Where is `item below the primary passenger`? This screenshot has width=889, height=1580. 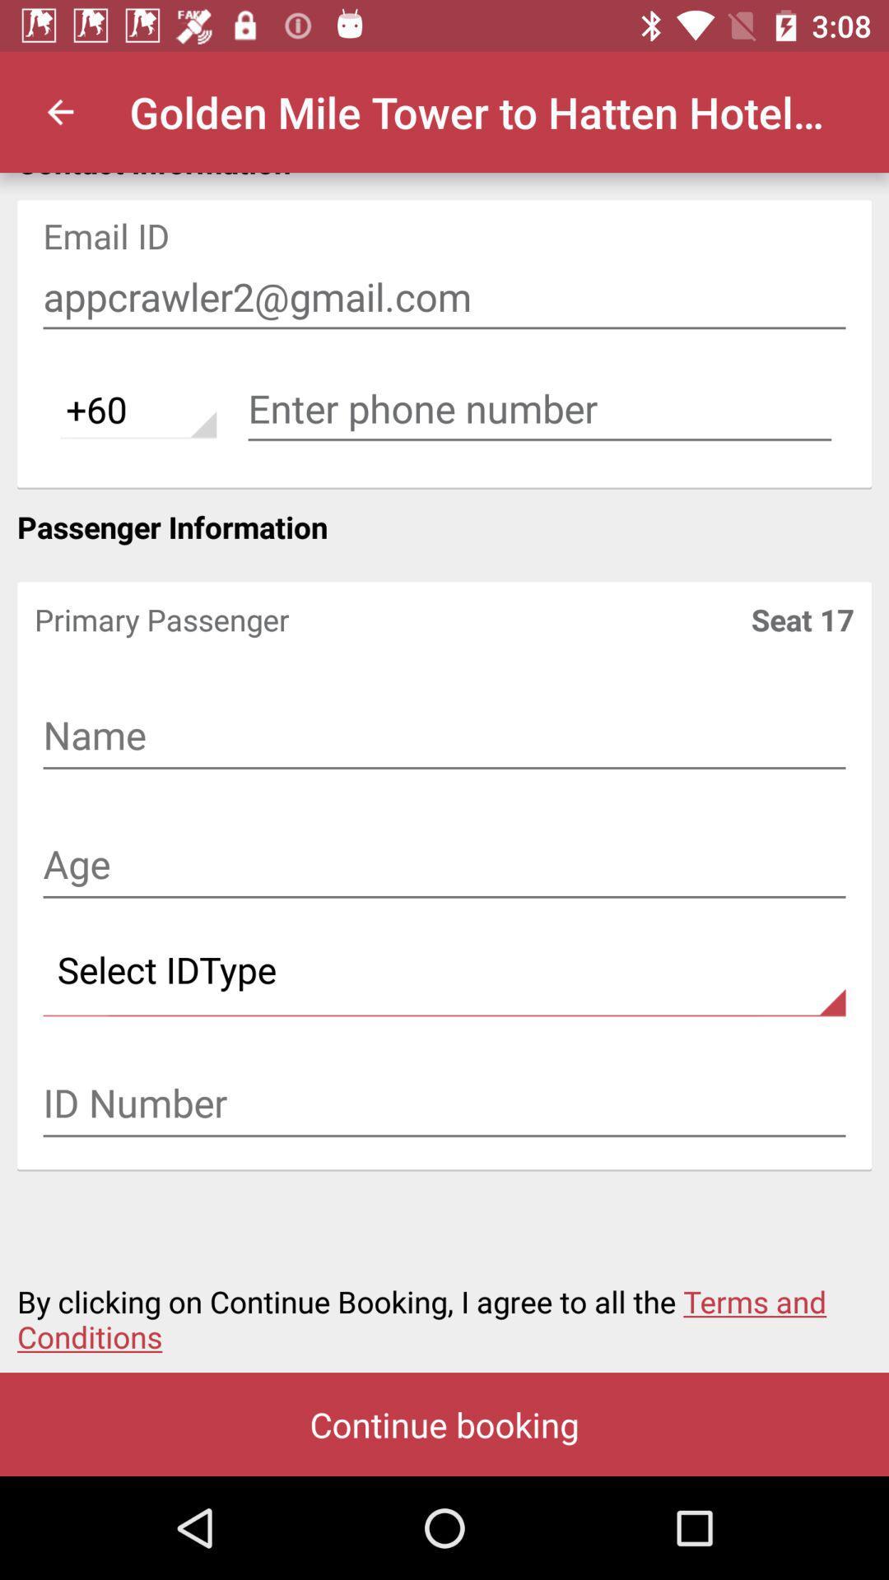
item below the primary passenger is located at coordinates (444, 737).